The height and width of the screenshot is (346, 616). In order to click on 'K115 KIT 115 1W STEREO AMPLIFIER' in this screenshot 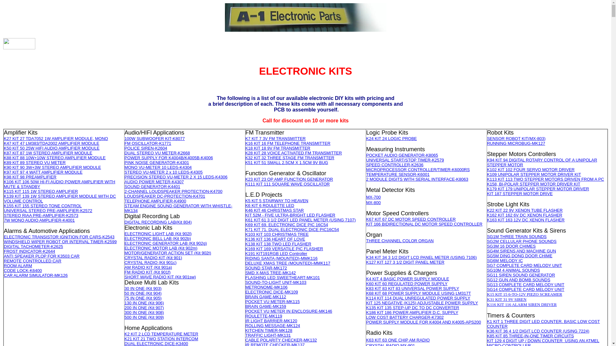, I will do `click(40, 191)`.